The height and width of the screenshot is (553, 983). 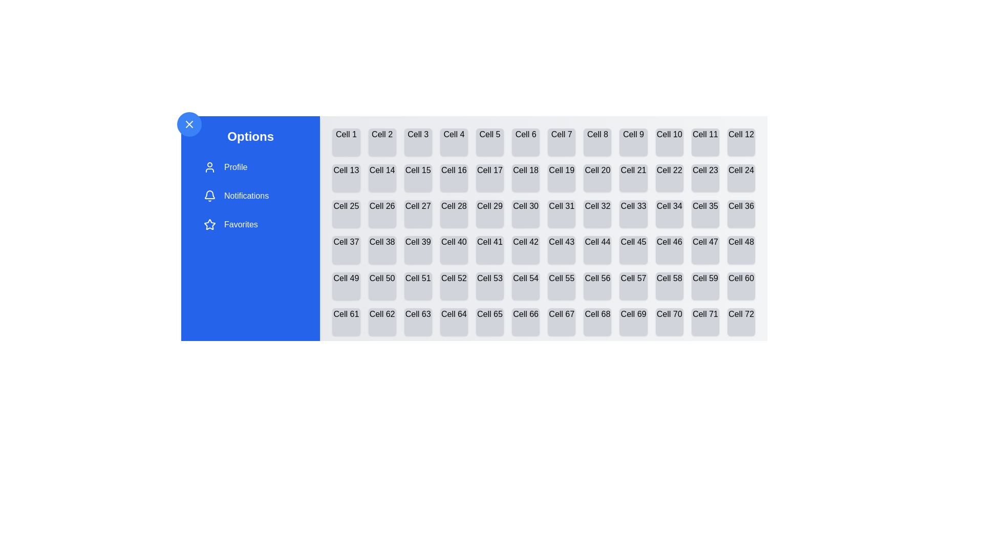 What do you see at coordinates (250, 167) in the screenshot?
I see `the drawer item labeled Profile to observe the visual change` at bounding box center [250, 167].